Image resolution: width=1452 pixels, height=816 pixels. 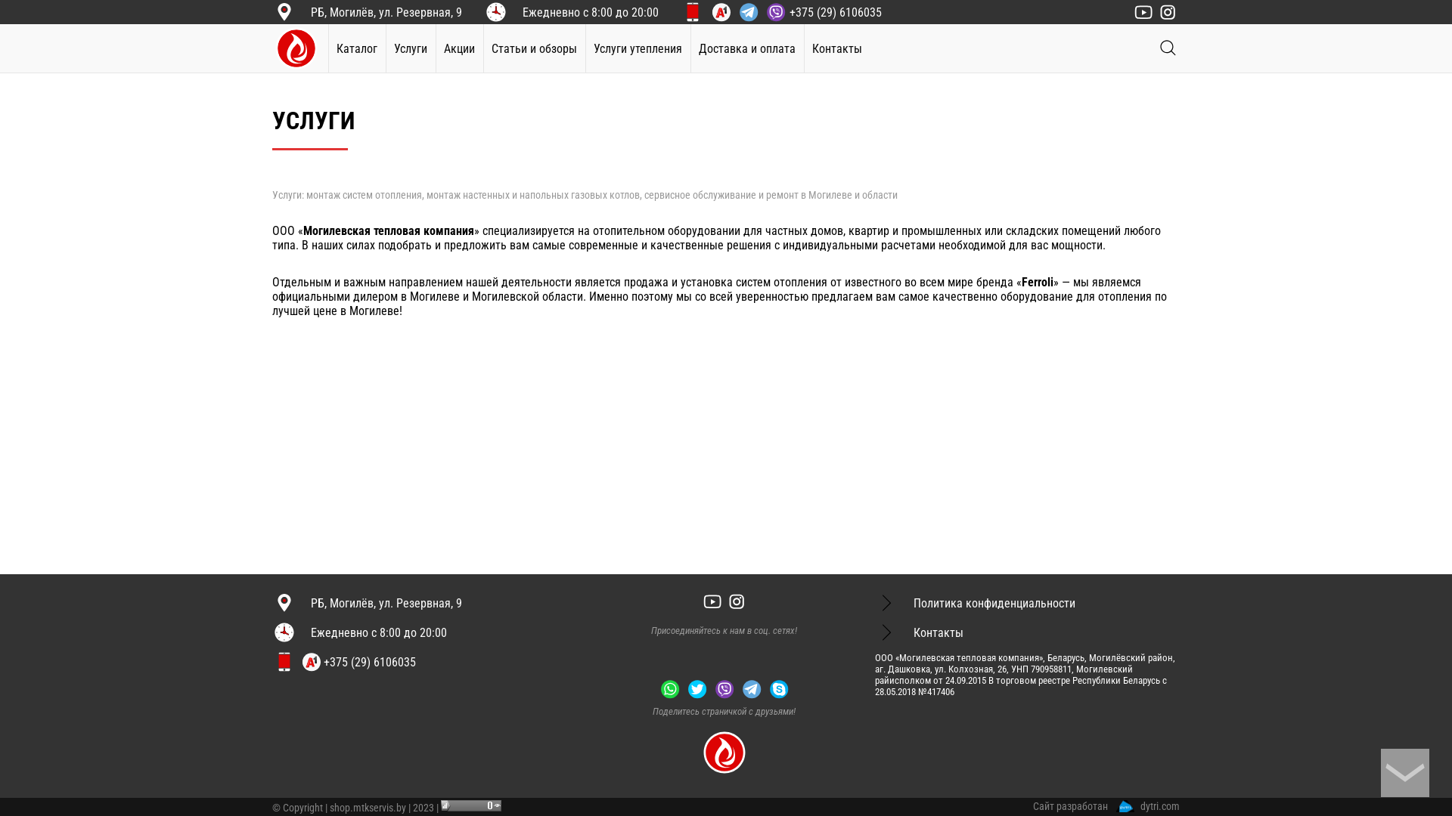 I want to click on 'Skype', so click(x=766, y=688).